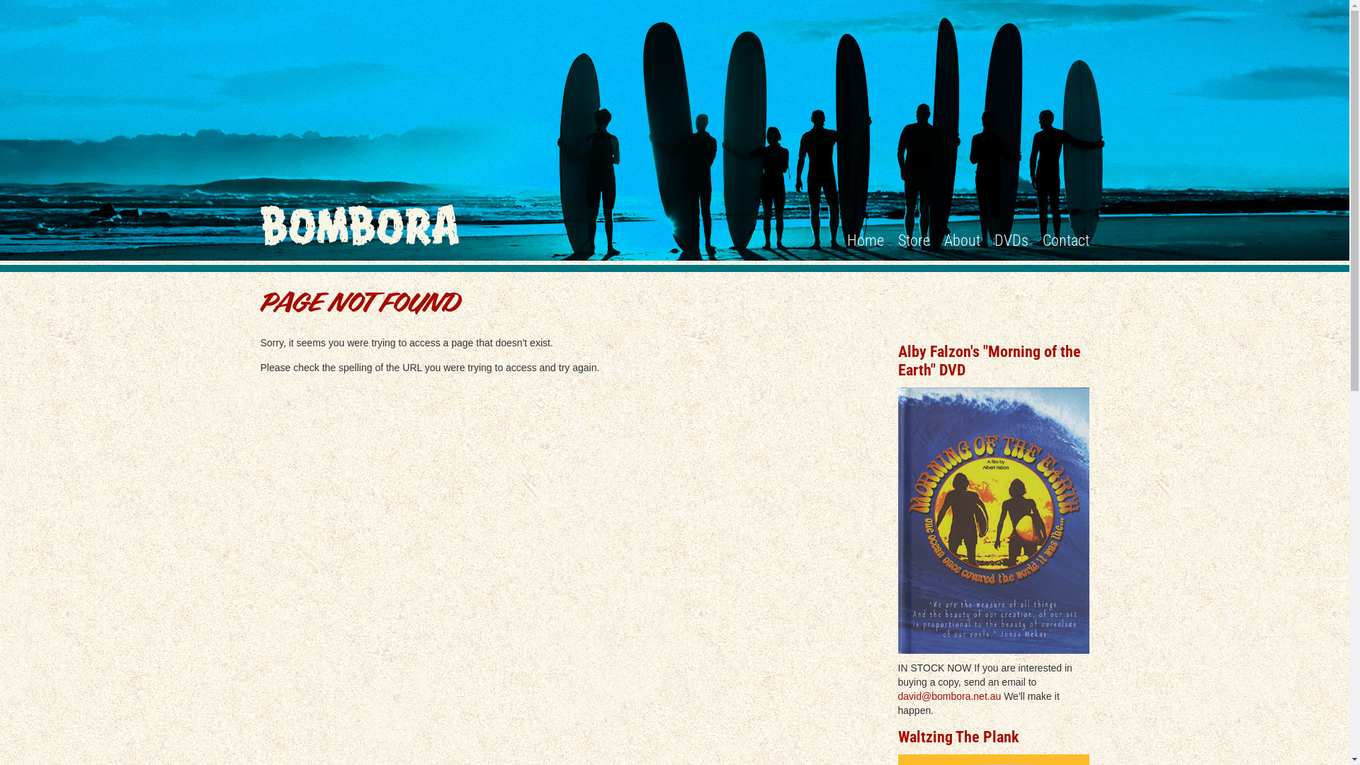  What do you see at coordinates (1066, 239) in the screenshot?
I see `'Contact'` at bounding box center [1066, 239].